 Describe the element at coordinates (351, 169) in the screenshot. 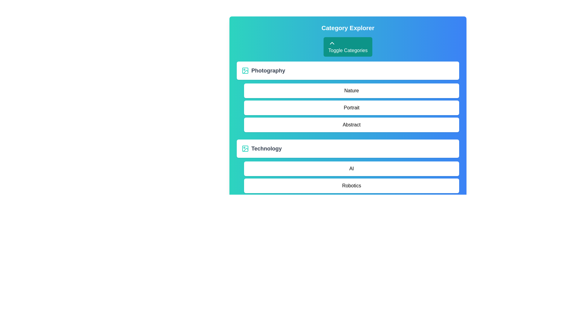

I see `the item AI from the category Technology` at that location.